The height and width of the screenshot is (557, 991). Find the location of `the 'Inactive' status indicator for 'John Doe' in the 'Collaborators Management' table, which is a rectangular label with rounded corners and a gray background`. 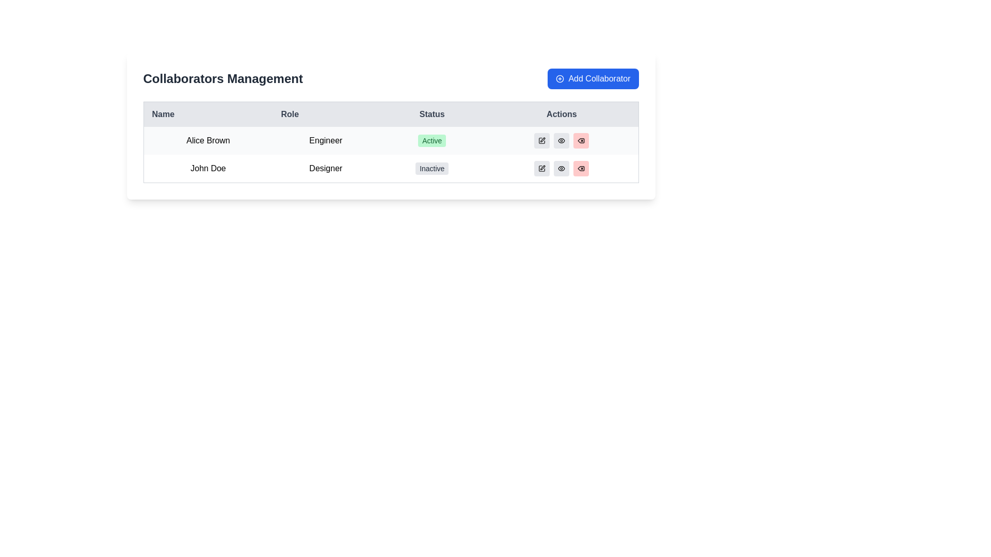

the 'Inactive' status indicator for 'John Doe' in the 'Collaborators Management' table, which is a rectangular label with rounded corners and a gray background is located at coordinates (432, 168).